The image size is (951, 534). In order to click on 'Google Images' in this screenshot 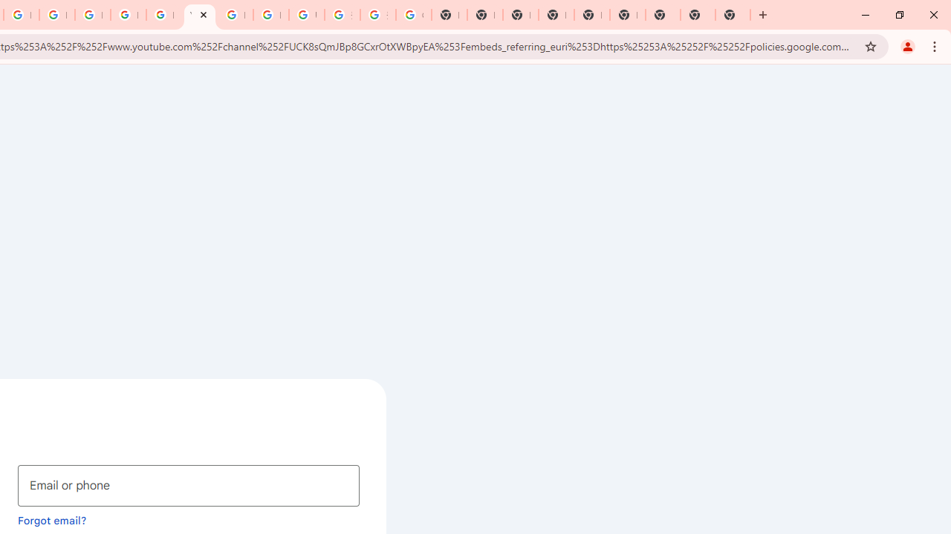, I will do `click(413, 15)`.